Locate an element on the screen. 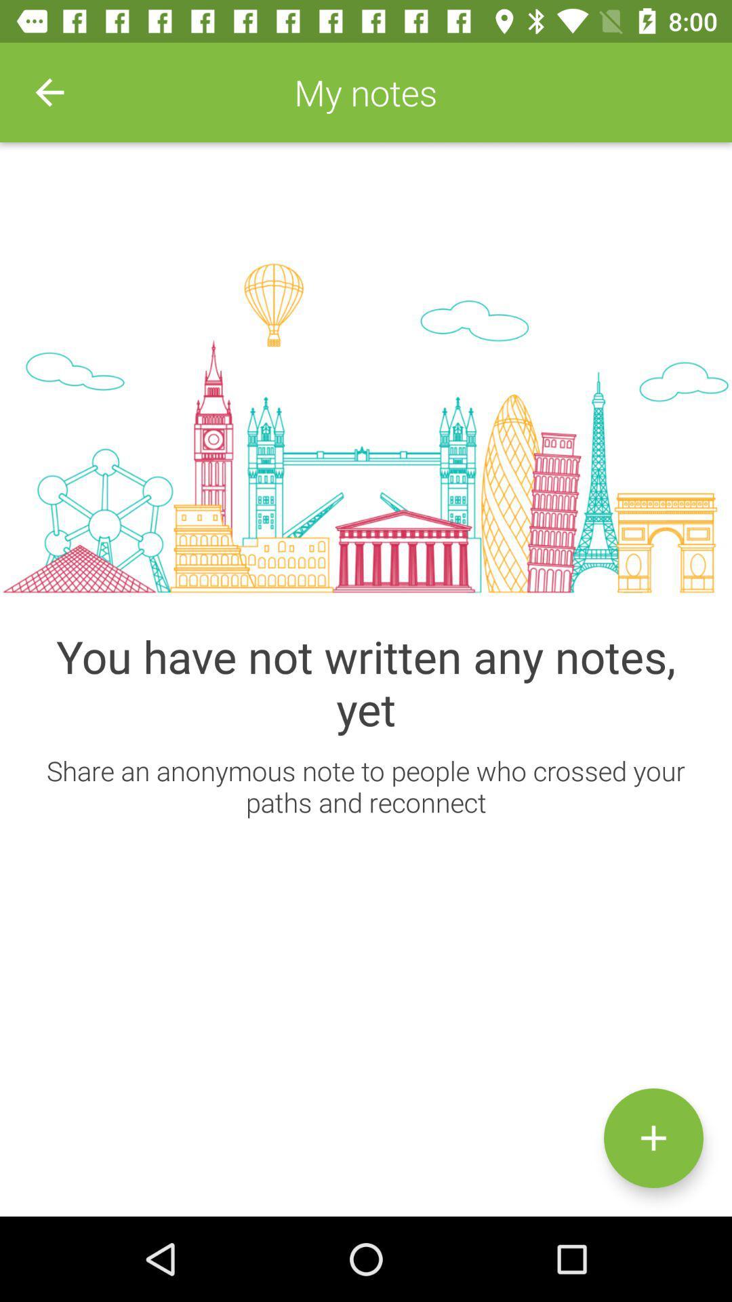 Image resolution: width=732 pixels, height=1302 pixels. icon next to my notes icon is located at coordinates (49, 92).